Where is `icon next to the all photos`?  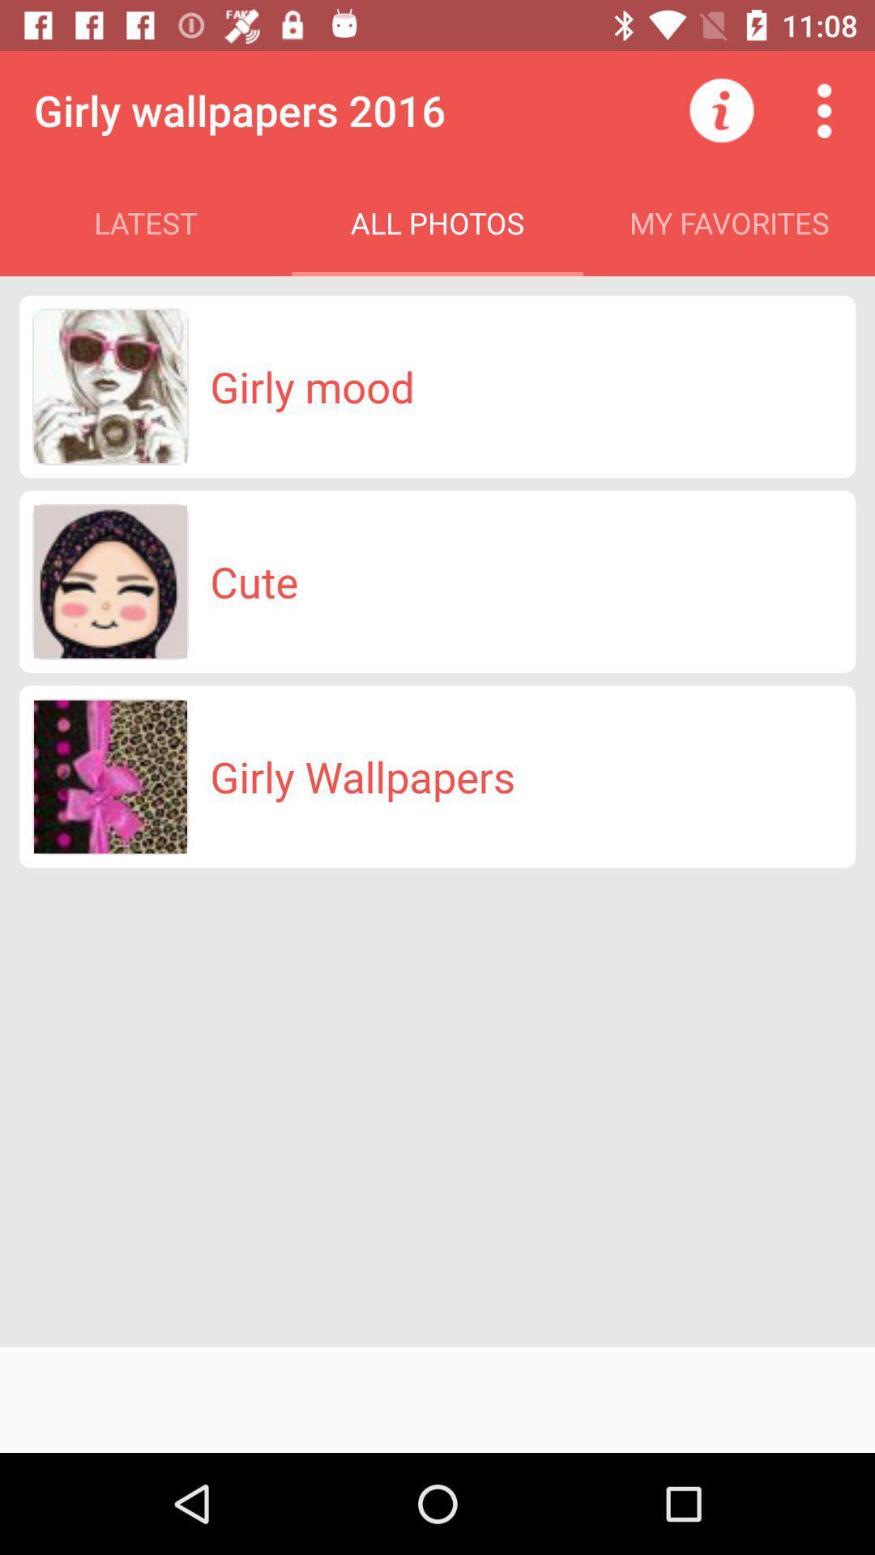 icon next to the all photos is located at coordinates (721, 109).